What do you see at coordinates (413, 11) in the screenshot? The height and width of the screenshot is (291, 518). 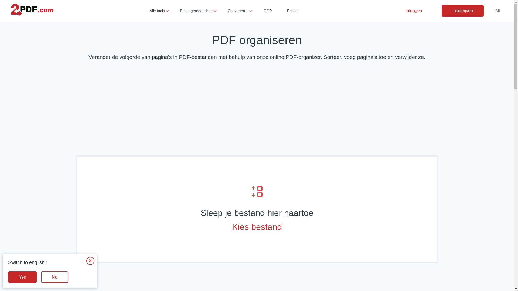 I see `'Inloggen'` at bounding box center [413, 11].